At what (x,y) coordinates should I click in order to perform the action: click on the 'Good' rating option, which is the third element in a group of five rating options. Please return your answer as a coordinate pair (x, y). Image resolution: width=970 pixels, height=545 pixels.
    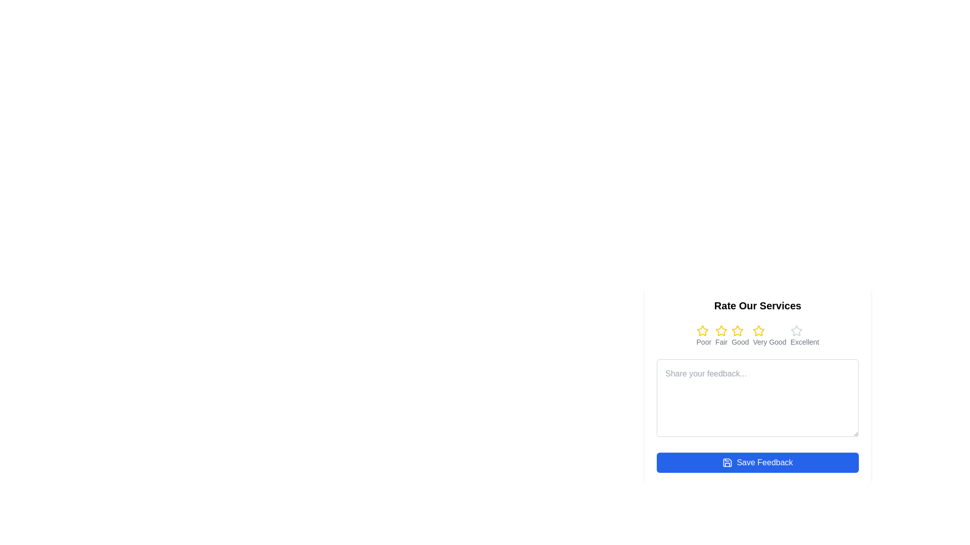
    Looking at the image, I should click on (740, 336).